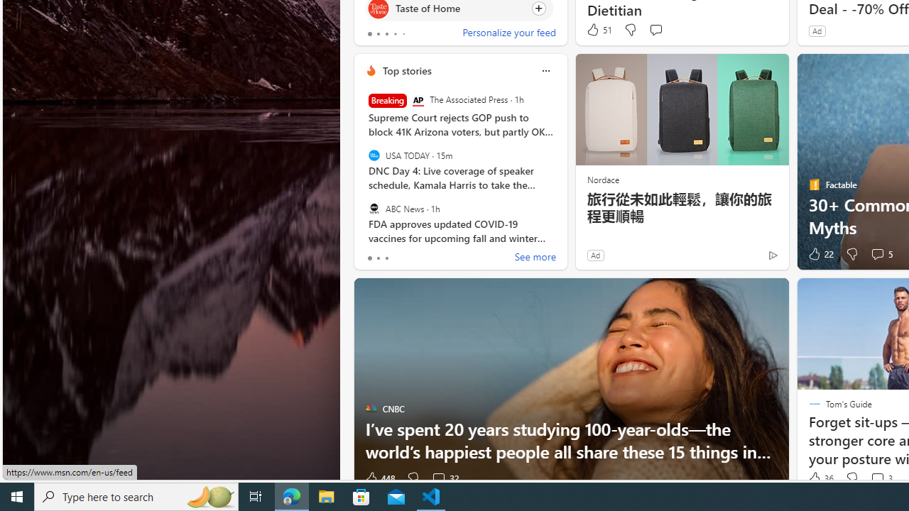  What do you see at coordinates (379, 478) in the screenshot?
I see `'448 Like'` at bounding box center [379, 478].